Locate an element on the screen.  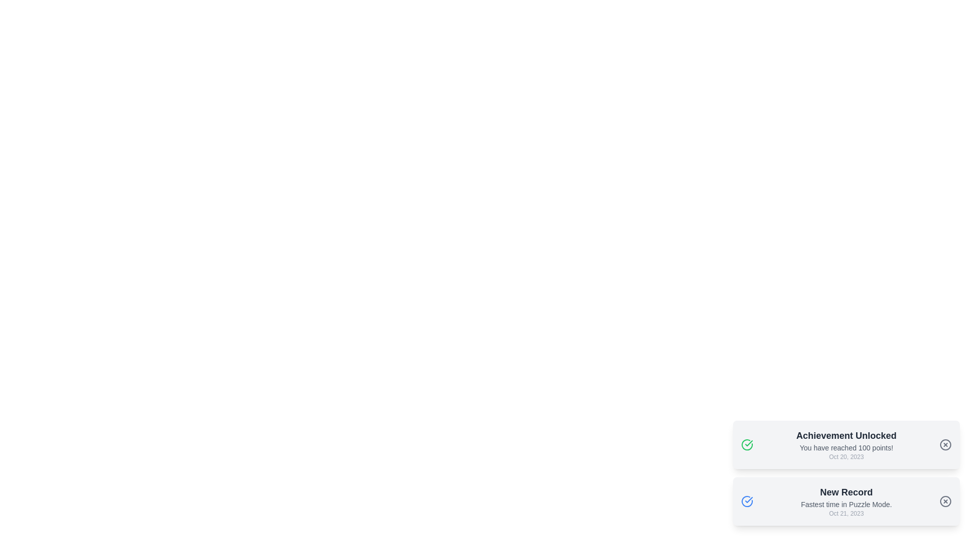
the Text label providing context for the record achievement, located beneath the title 'New Record' and above the date 'Oct 21, 2023' is located at coordinates (846, 505).